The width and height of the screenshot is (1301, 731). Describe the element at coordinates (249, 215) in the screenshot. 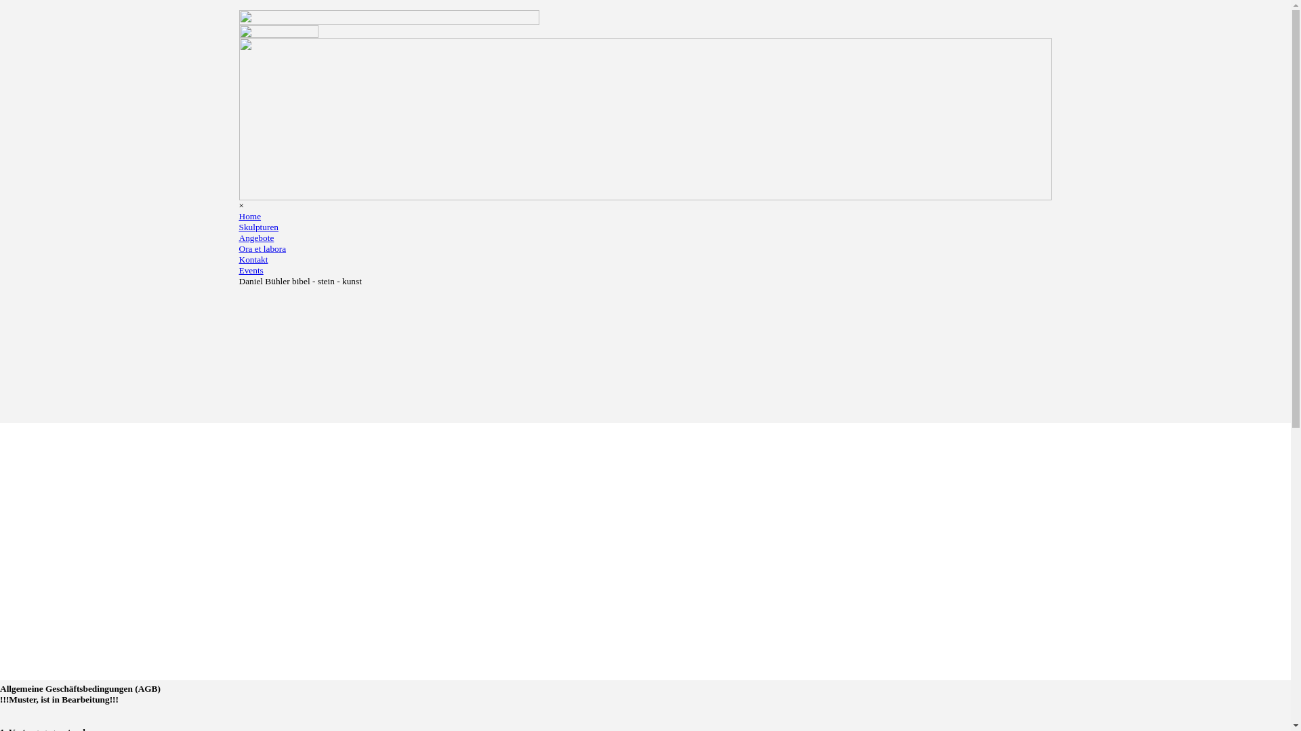

I see `'Home'` at that location.